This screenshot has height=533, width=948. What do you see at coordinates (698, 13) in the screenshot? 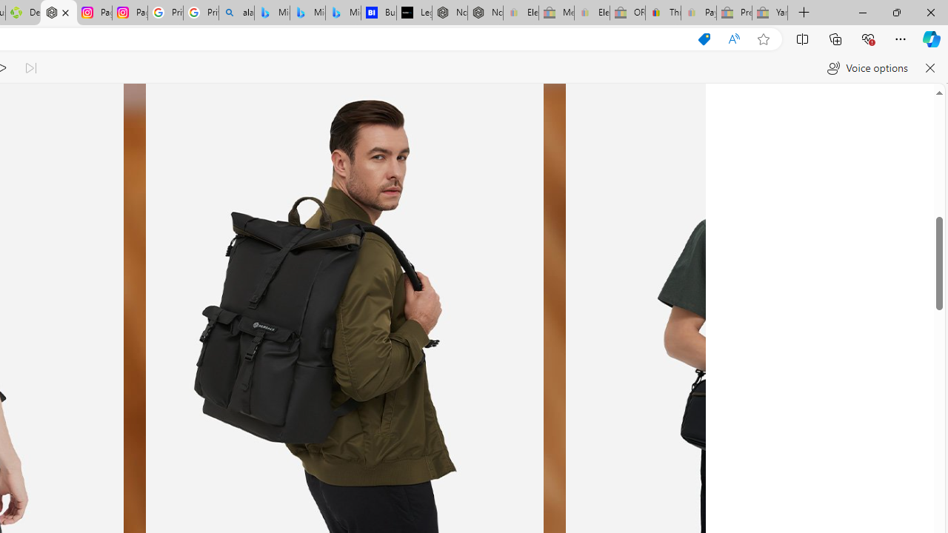
I see `'Payments Terms of Use | eBay.com - Sleeping'` at bounding box center [698, 13].